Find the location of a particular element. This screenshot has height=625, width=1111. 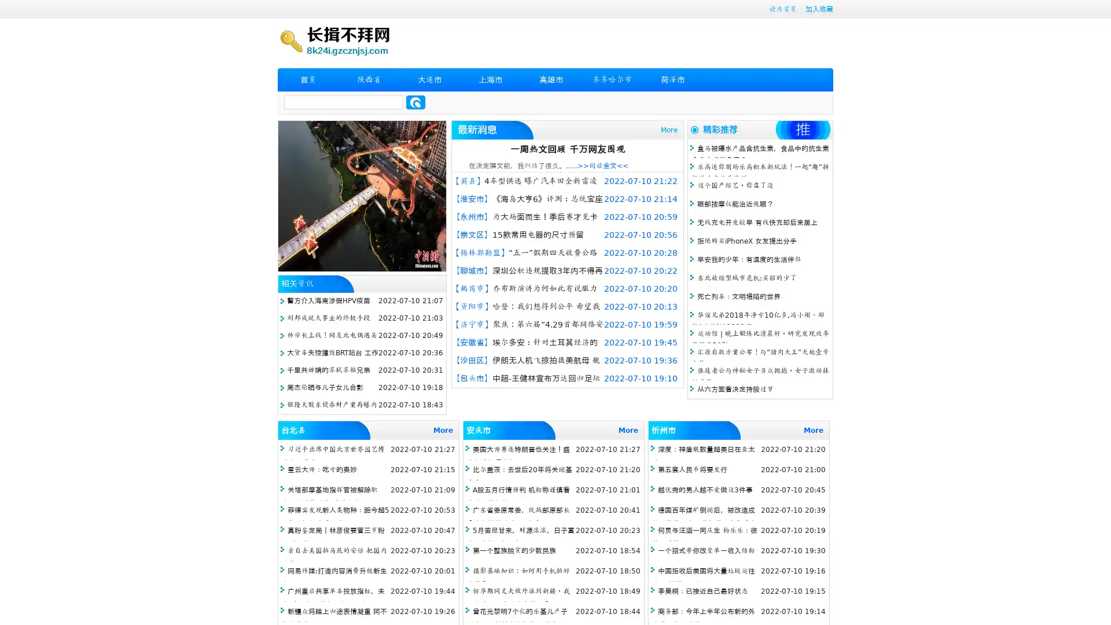

Search is located at coordinates (415, 102).